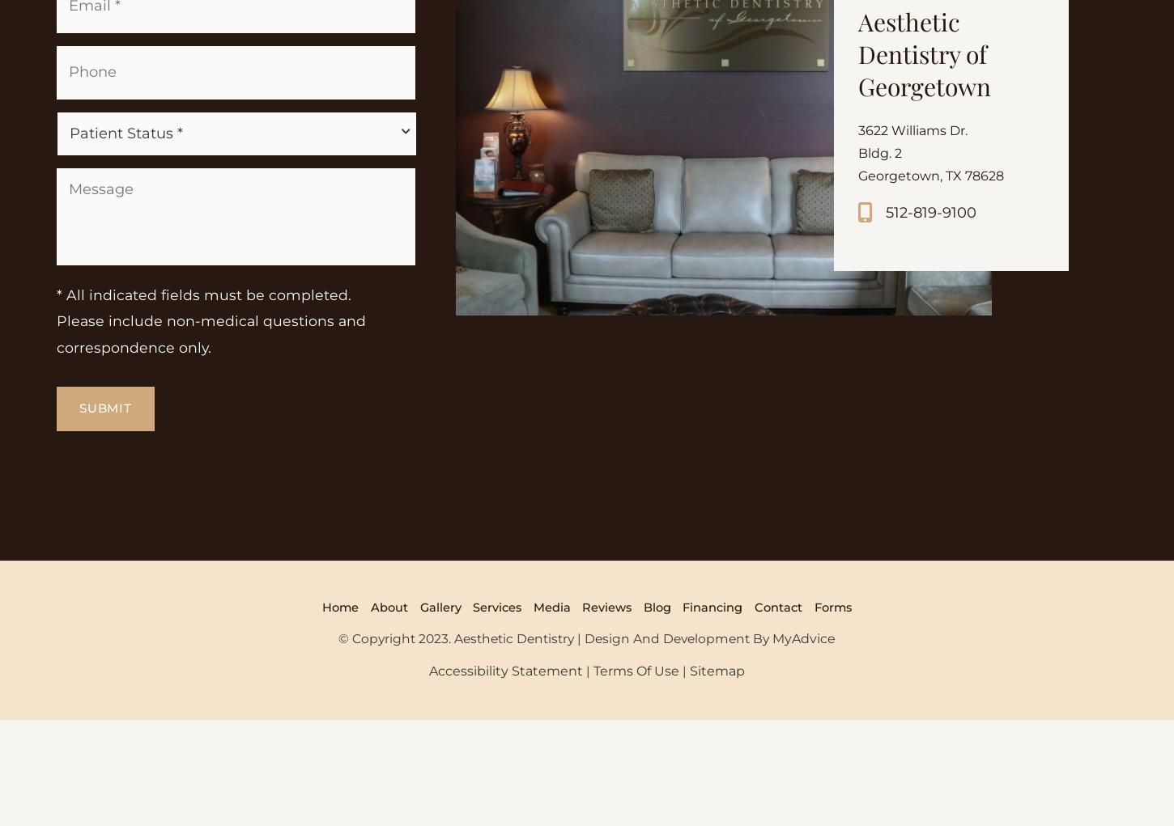  What do you see at coordinates (881, 269) in the screenshot?
I see `'Bldg. 2'` at bounding box center [881, 269].